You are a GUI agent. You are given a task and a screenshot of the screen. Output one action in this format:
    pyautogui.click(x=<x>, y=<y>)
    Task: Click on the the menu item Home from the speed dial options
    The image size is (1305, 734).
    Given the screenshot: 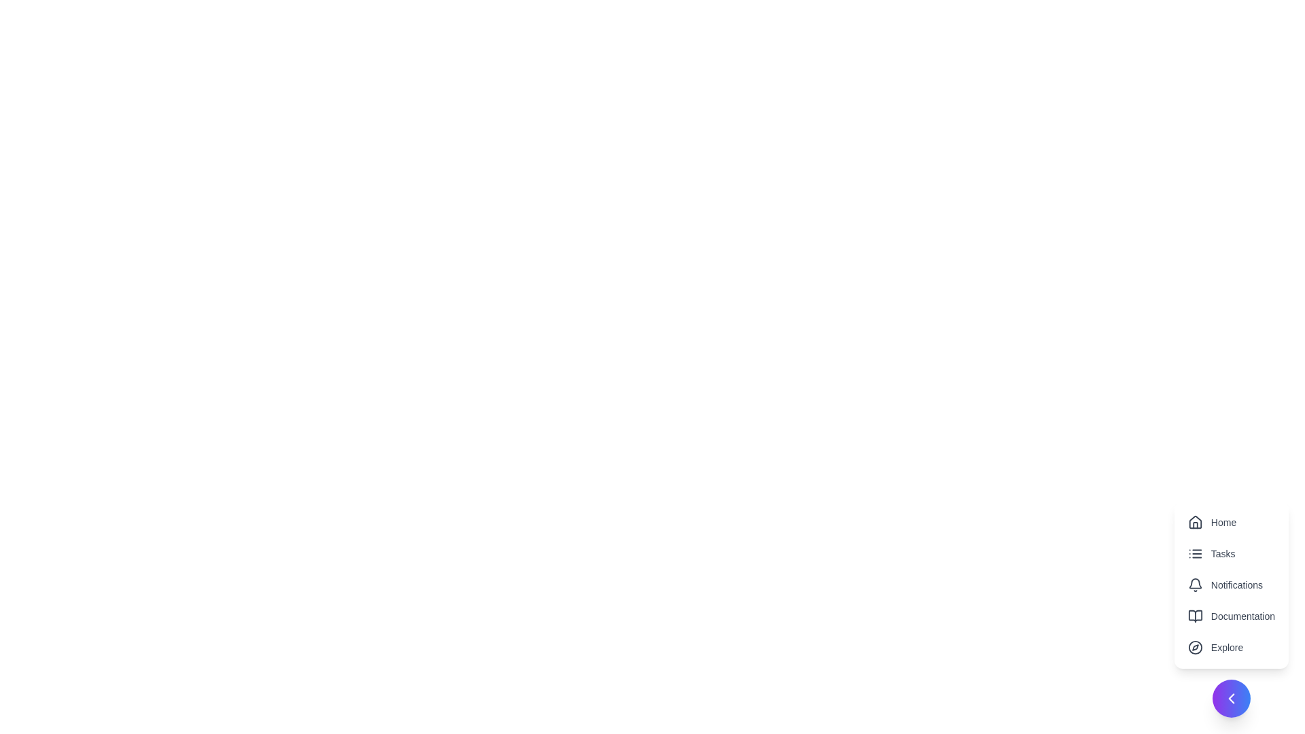 What is the action you would take?
    pyautogui.click(x=1231, y=521)
    